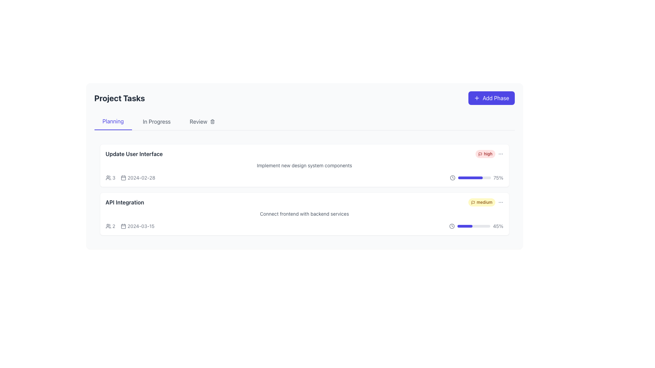  What do you see at coordinates (485, 154) in the screenshot?
I see `the priority level indicator label located in the first card of the Planning tab, under 'Update User Interface', positioned to the right of the card and above the progress bar` at bounding box center [485, 154].